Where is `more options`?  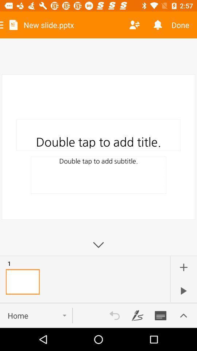
more options is located at coordinates (183, 315).